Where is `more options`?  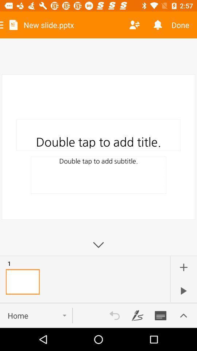
more options is located at coordinates (183, 315).